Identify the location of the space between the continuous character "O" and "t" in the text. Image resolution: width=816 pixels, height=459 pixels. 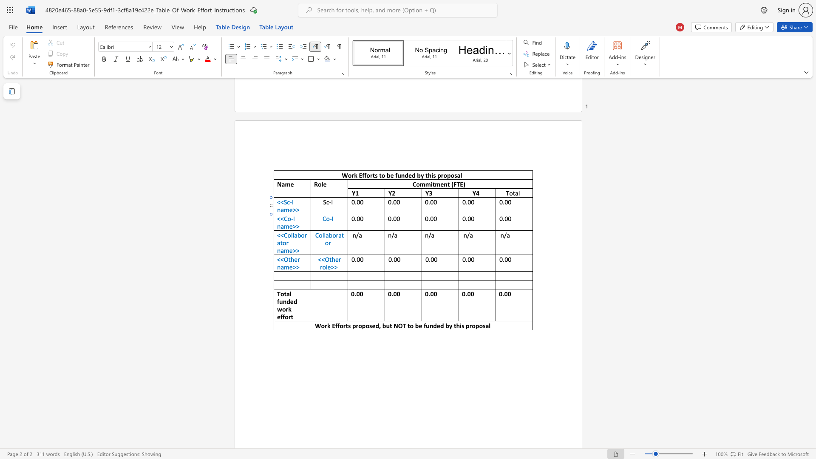
(288, 259).